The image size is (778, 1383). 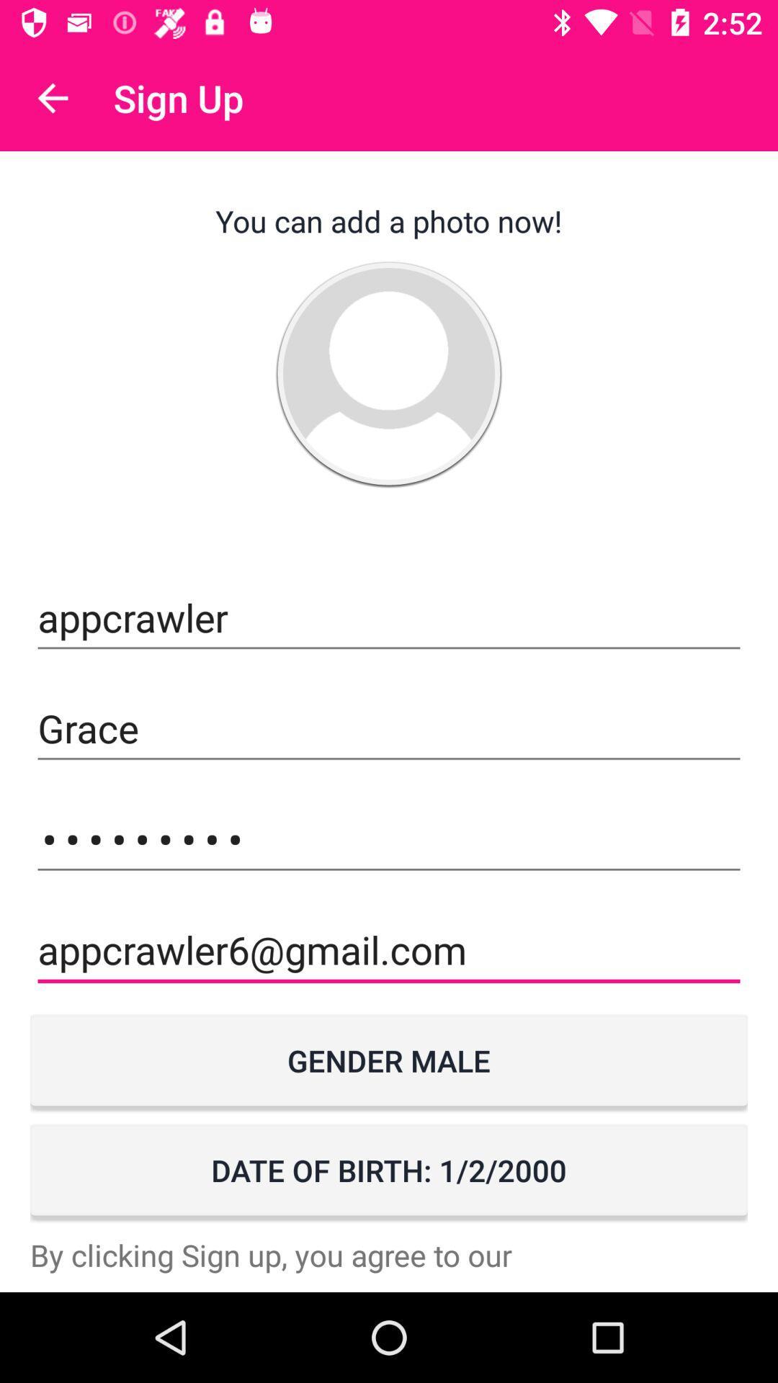 What do you see at coordinates (389, 618) in the screenshot?
I see `the first field of the page` at bounding box center [389, 618].